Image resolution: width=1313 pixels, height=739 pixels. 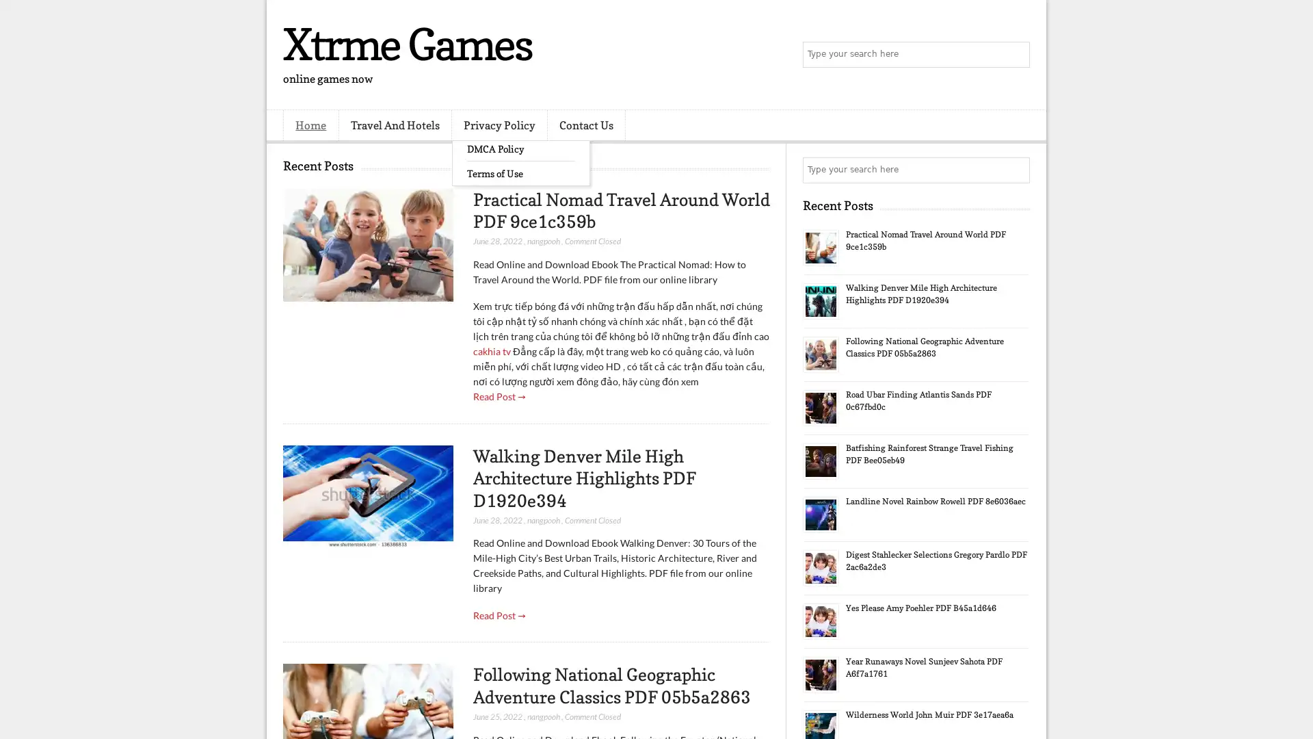 What do you see at coordinates (1016, 170) in the screenshot?
I see `Search` at bounding box center [1016, 170].